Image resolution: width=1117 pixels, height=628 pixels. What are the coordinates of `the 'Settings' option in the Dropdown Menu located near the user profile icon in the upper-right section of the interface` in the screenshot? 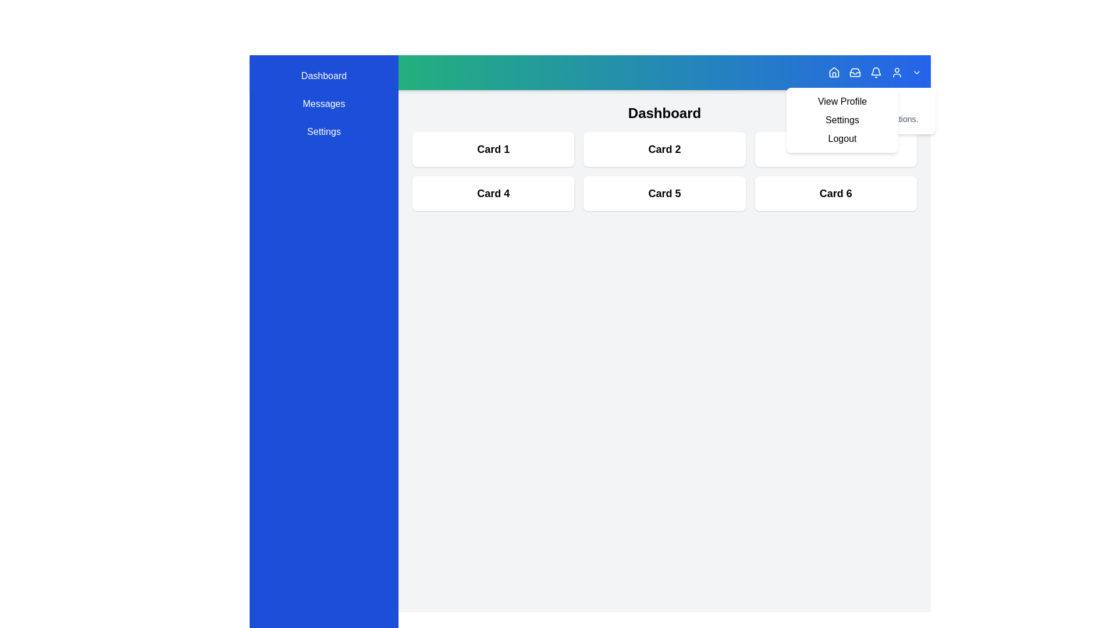 It's located at (842, 120).